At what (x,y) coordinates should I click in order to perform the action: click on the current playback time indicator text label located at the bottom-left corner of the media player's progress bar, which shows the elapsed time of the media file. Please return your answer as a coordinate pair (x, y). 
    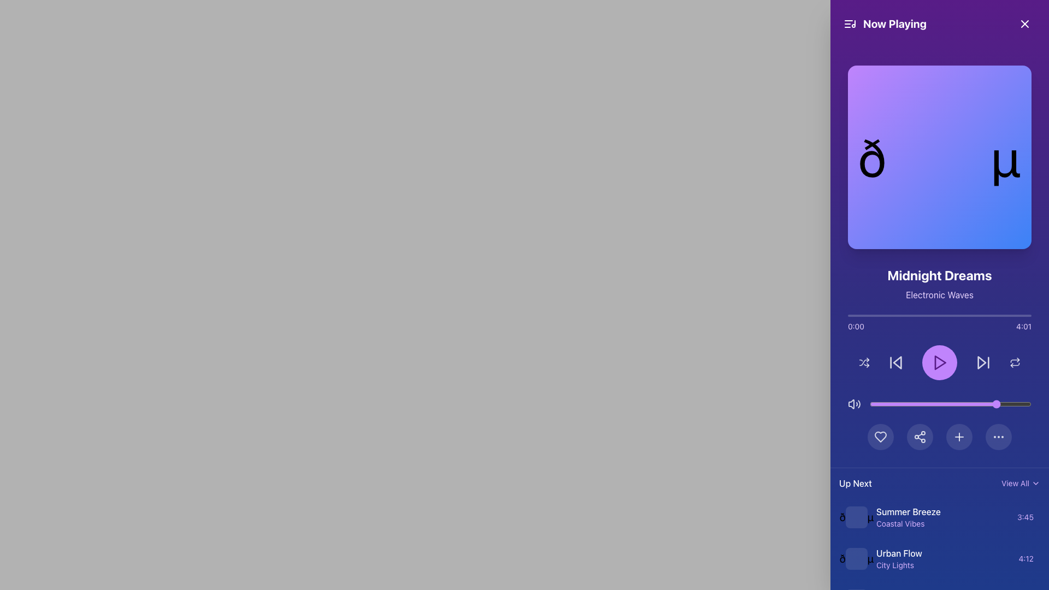
    Looking at the image, I should click on (856, 326).